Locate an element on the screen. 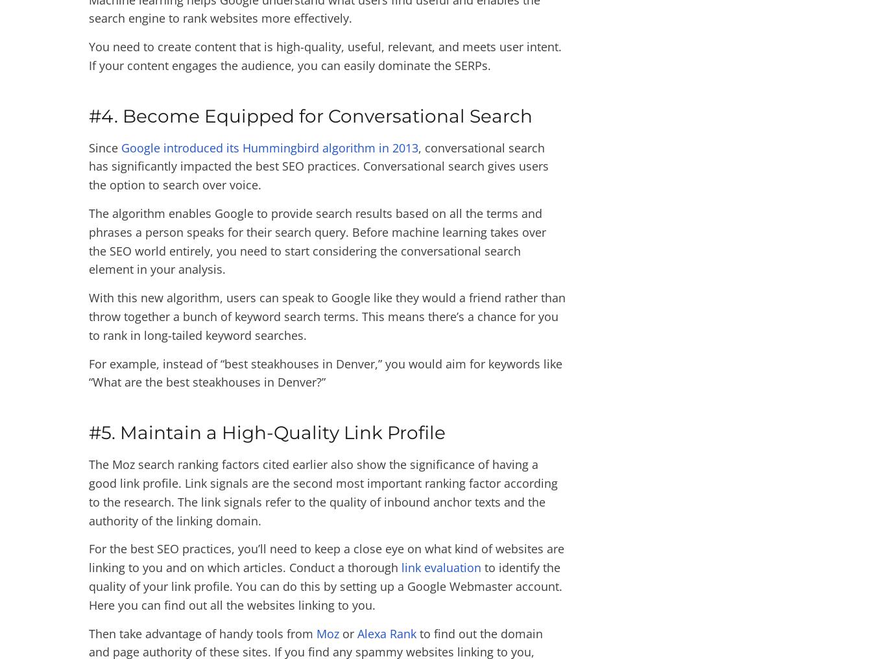  'or' is located at coordinates (348, 632).